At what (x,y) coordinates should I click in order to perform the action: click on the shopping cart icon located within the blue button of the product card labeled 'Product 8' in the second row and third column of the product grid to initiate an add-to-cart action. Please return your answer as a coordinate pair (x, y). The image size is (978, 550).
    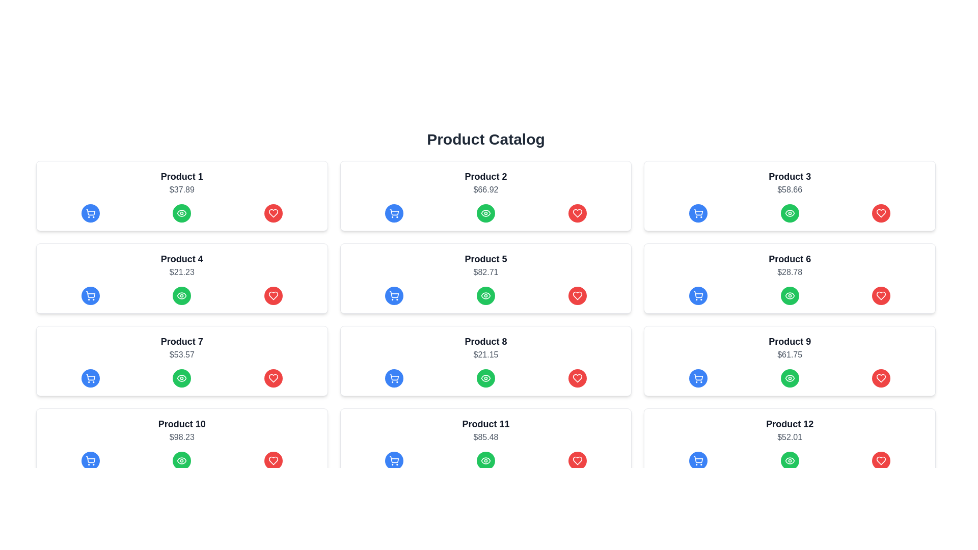
    Looking at the image, I should click on (394, 378).